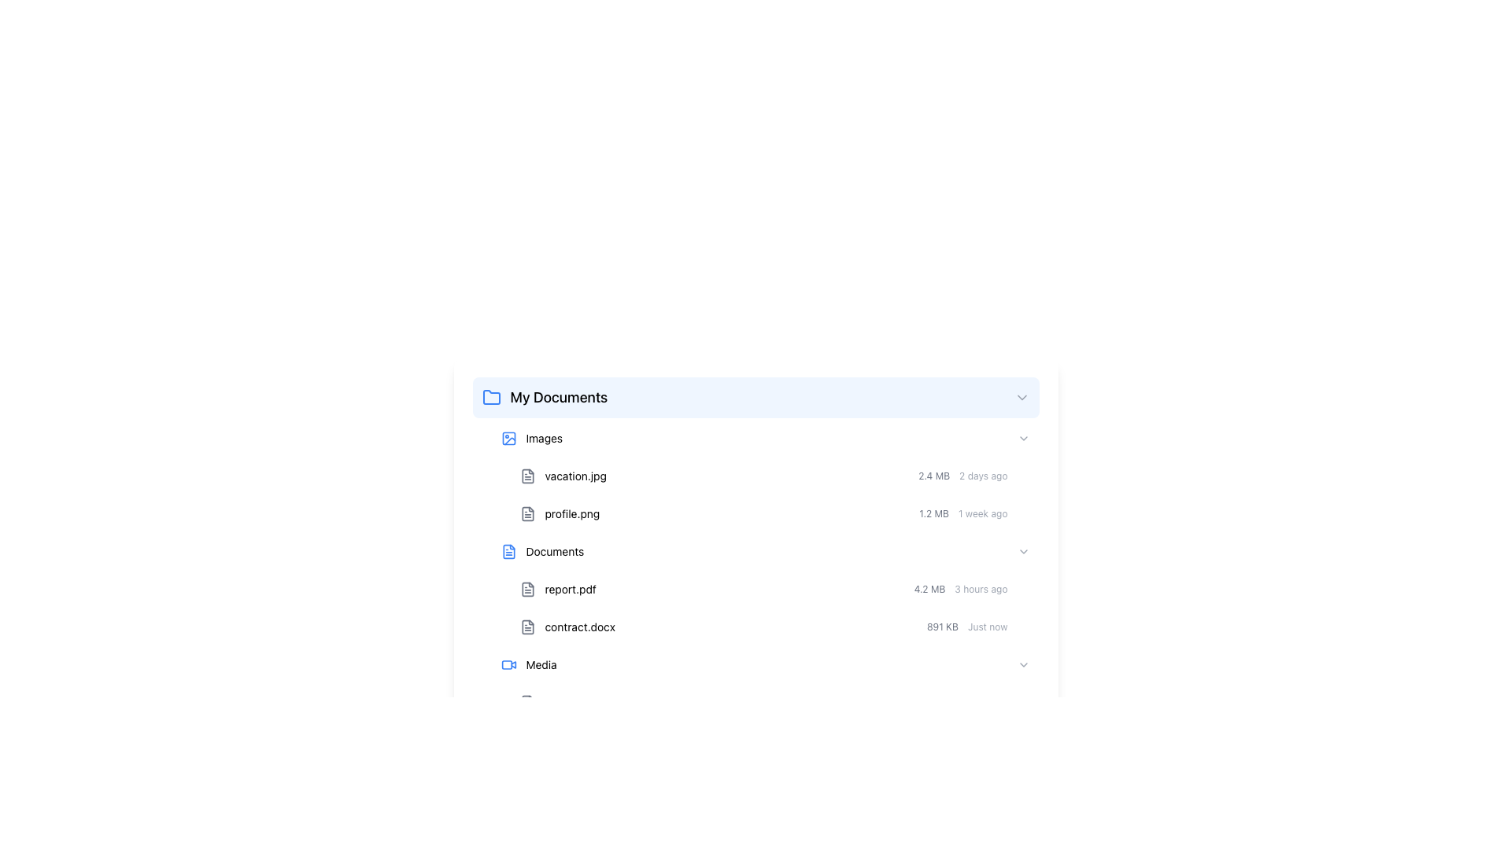 The height and width of the screenshot is (849, 1511). Describe the element at coordinates (929, 589) in the screenshot. I see `the text label displaying '4.2 MB', which is styled with a small gray font and positioned before the '3 hours ago' text and a download icon` at that location.